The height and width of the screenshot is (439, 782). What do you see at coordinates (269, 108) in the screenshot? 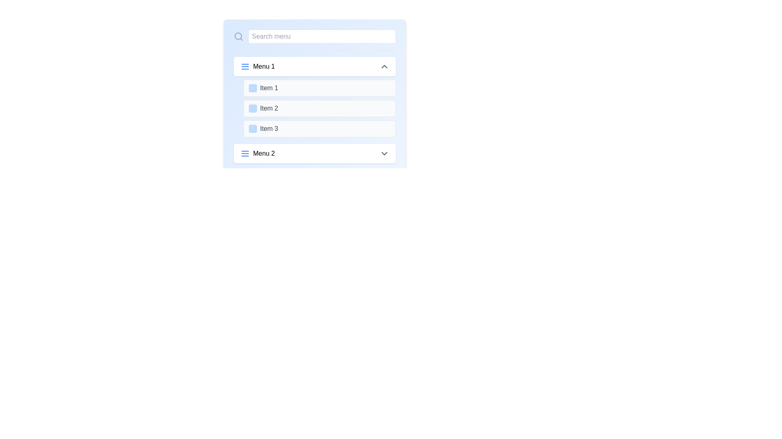
I see `the static text label 'Item 2' located` at bounding box center [269, 108].